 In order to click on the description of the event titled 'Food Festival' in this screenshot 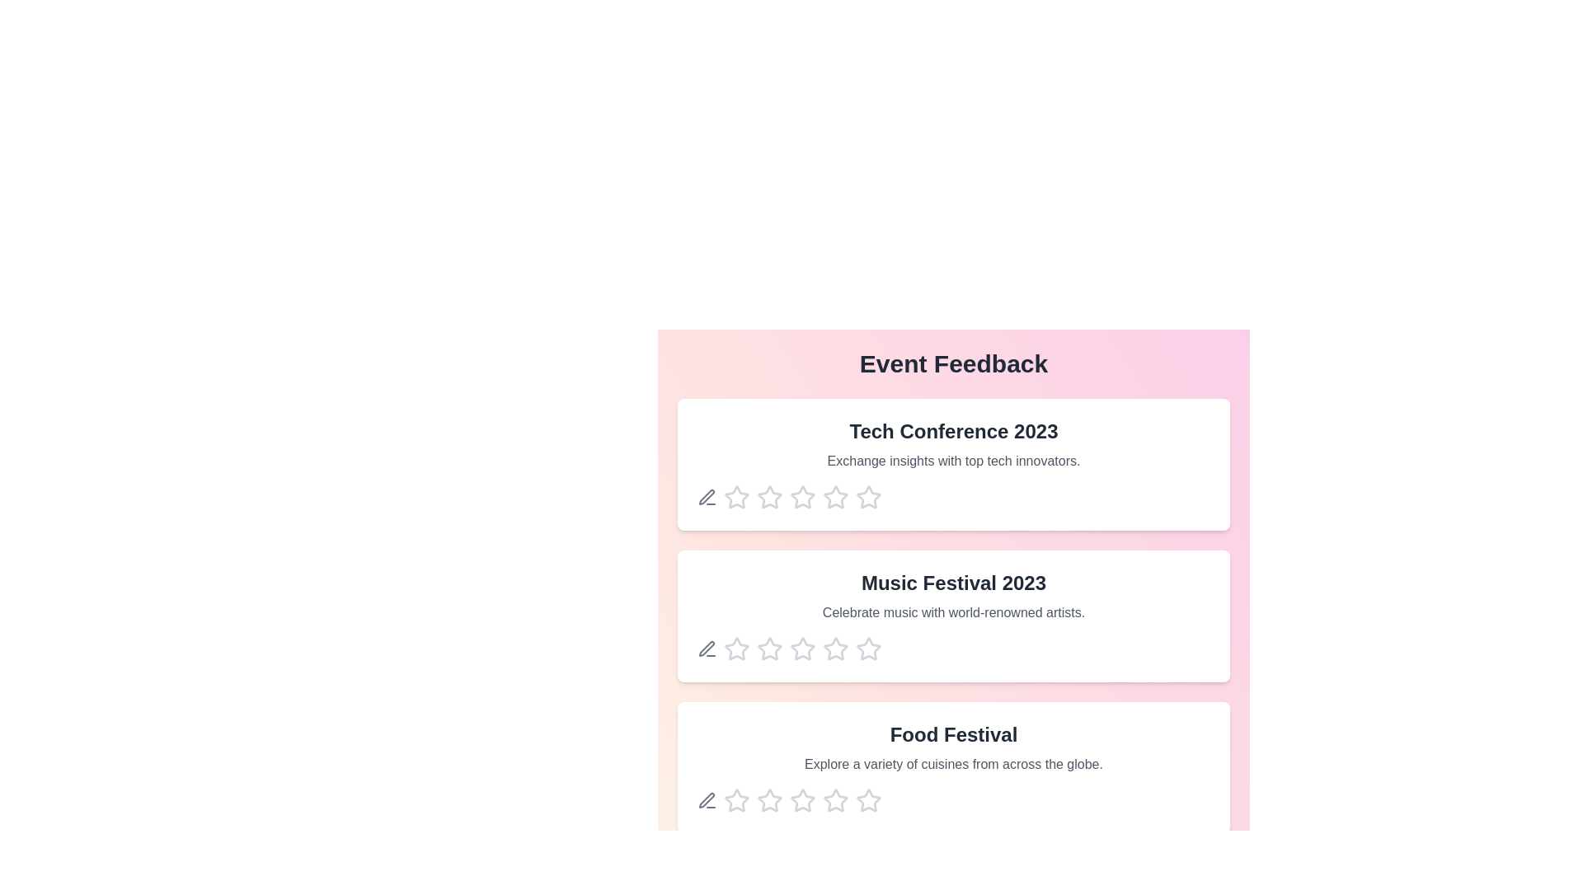, I will do `click(953, 768)`.